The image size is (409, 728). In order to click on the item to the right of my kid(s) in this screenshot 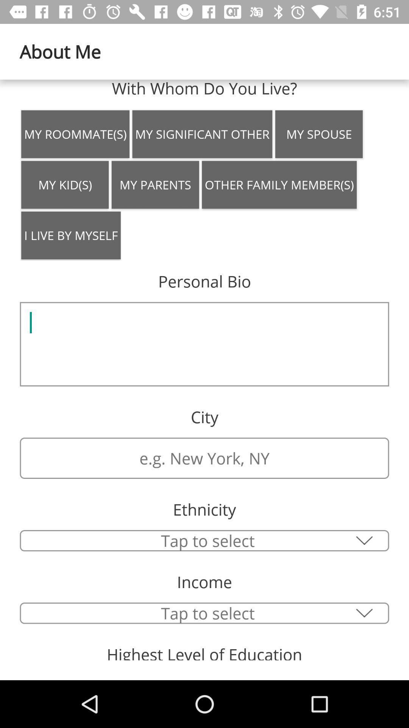, I will do `click(155, 185)`.